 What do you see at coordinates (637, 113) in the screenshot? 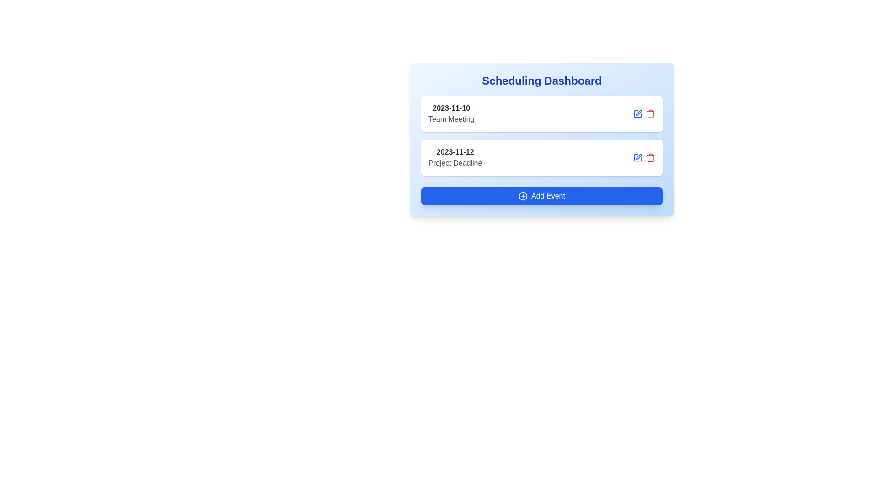
I see `the edit button located in the second row of the 'Scheduling Dashboard' panel, which is the leftmost icon aligned to the right of the text '2023-11-12 Project Deadline'` at bounding box center [637, 113].